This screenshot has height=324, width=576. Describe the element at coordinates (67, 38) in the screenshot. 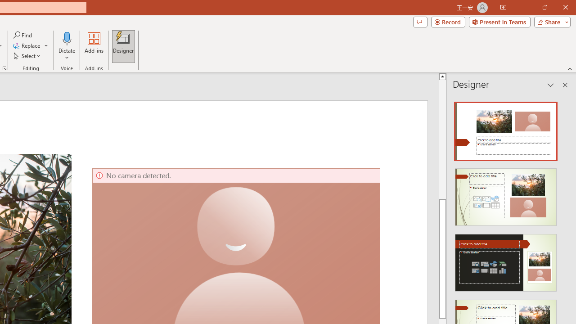

I see `'Dictate'` at that location.